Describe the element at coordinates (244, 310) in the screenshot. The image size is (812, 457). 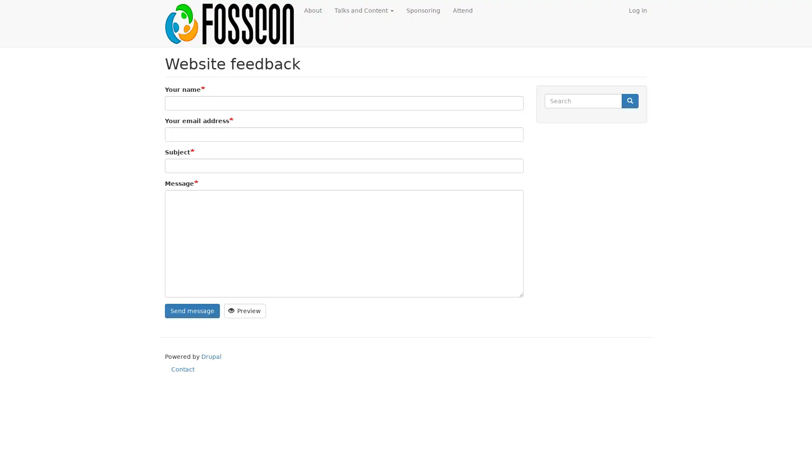
I see `Preview` at that location.